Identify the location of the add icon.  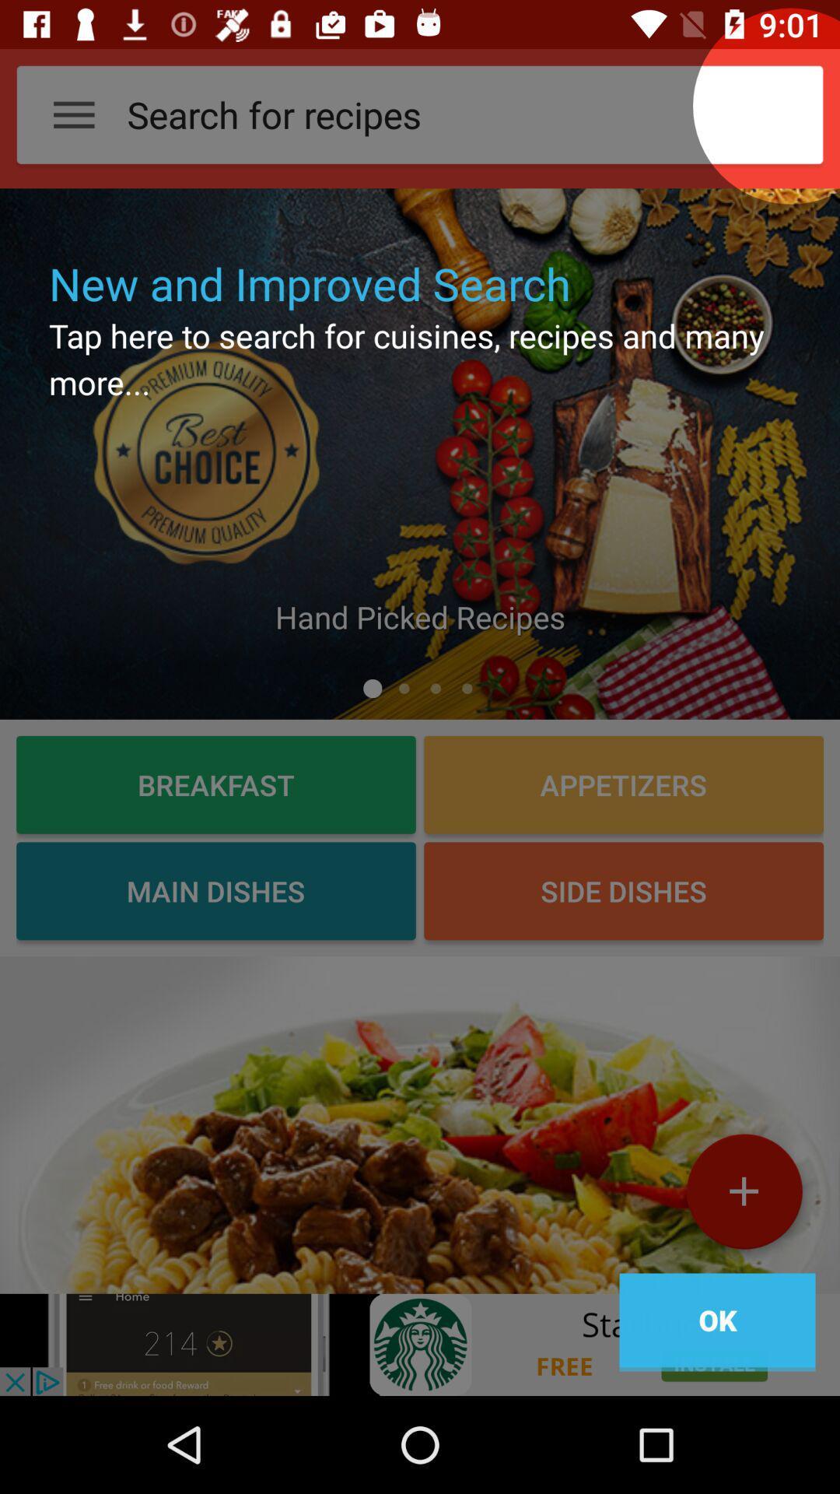
(743, 1197).